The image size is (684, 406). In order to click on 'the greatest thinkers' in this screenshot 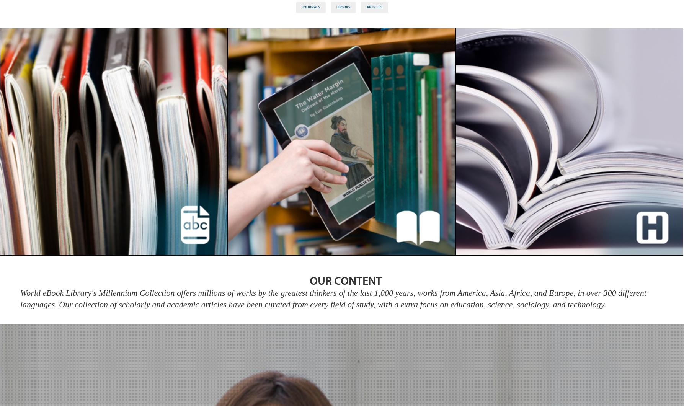, I will do `click(302, 292)`.